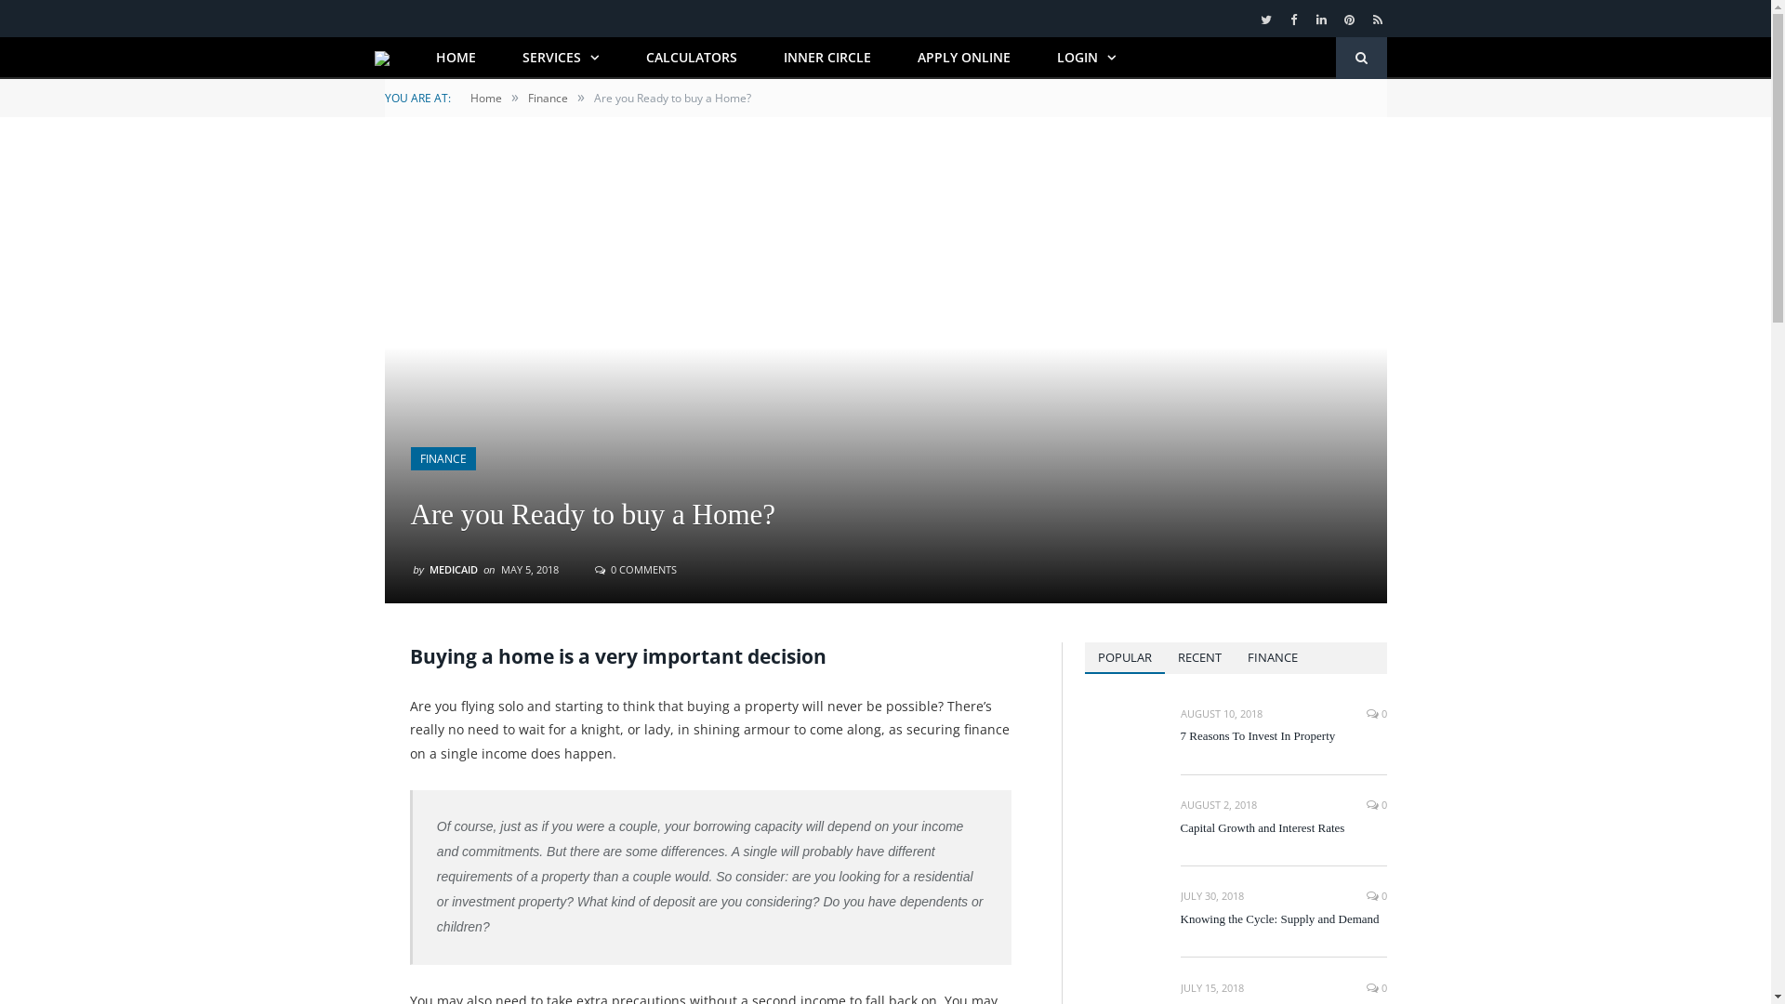 This screenshot has height=1004, width=1785. Describe the element at coordinates (412, 57) in the screenshot. I see `'HOME'` at that location.